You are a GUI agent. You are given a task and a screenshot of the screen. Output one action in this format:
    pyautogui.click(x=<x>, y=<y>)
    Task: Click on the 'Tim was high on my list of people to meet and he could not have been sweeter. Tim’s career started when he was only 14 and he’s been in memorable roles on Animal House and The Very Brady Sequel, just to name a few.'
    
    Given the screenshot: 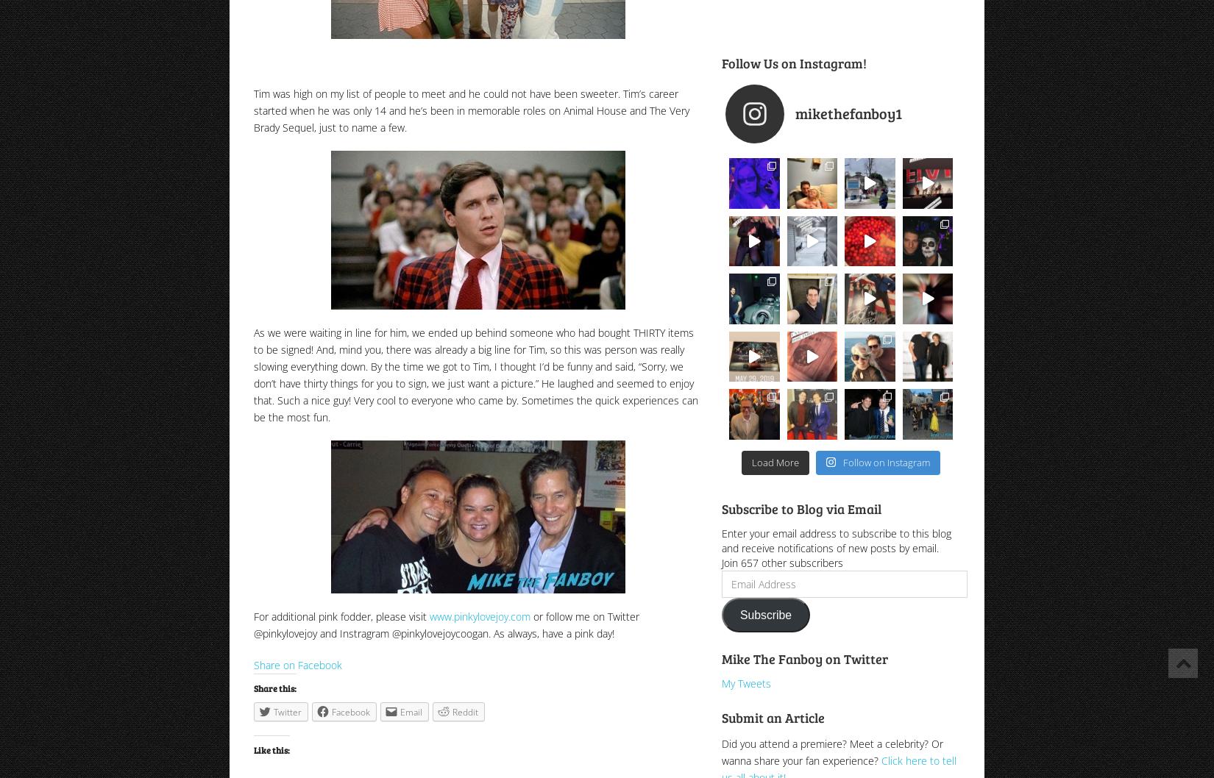 What is the action you would take?
    pyautogui.click(x=471, y=110)
    